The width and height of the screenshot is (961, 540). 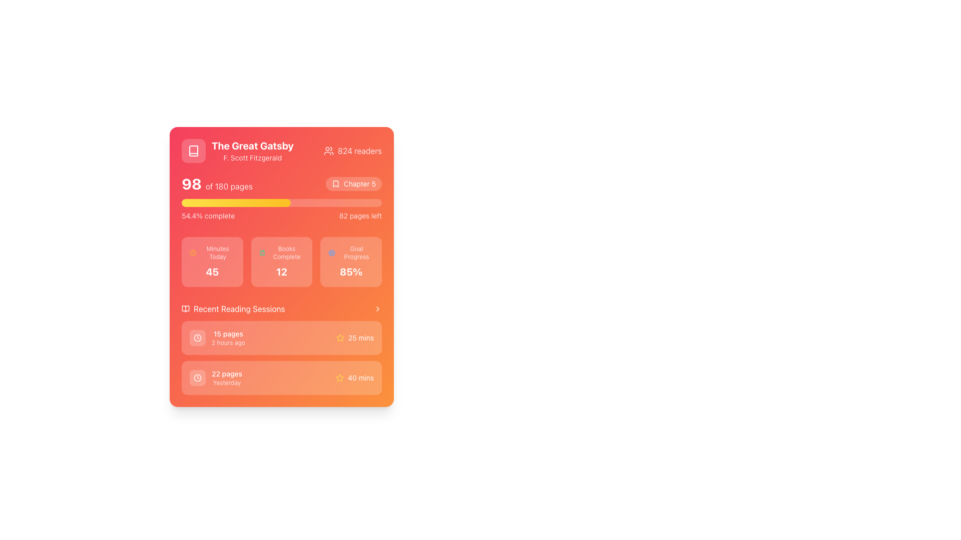 I want to click on static text label displaying 'Yesterday' located below the '22 pages' label within the Recent Reading Sessions card, so click(x=226, y=382).